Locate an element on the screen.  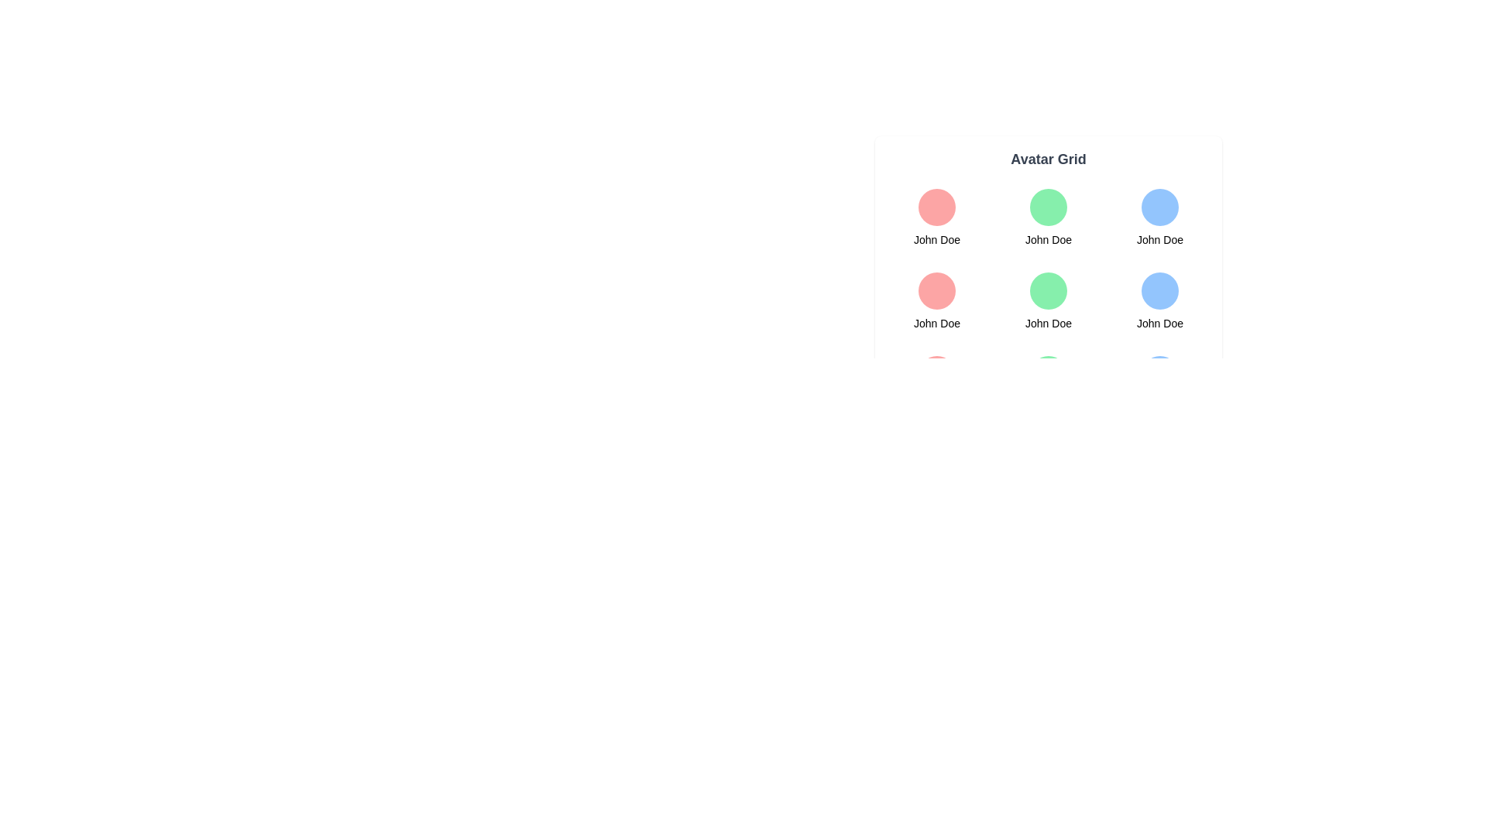
text displayed on the text label located below the circular avatar in the top-left corner of a 3x3 grid layout is located at coordinates (936, 239).